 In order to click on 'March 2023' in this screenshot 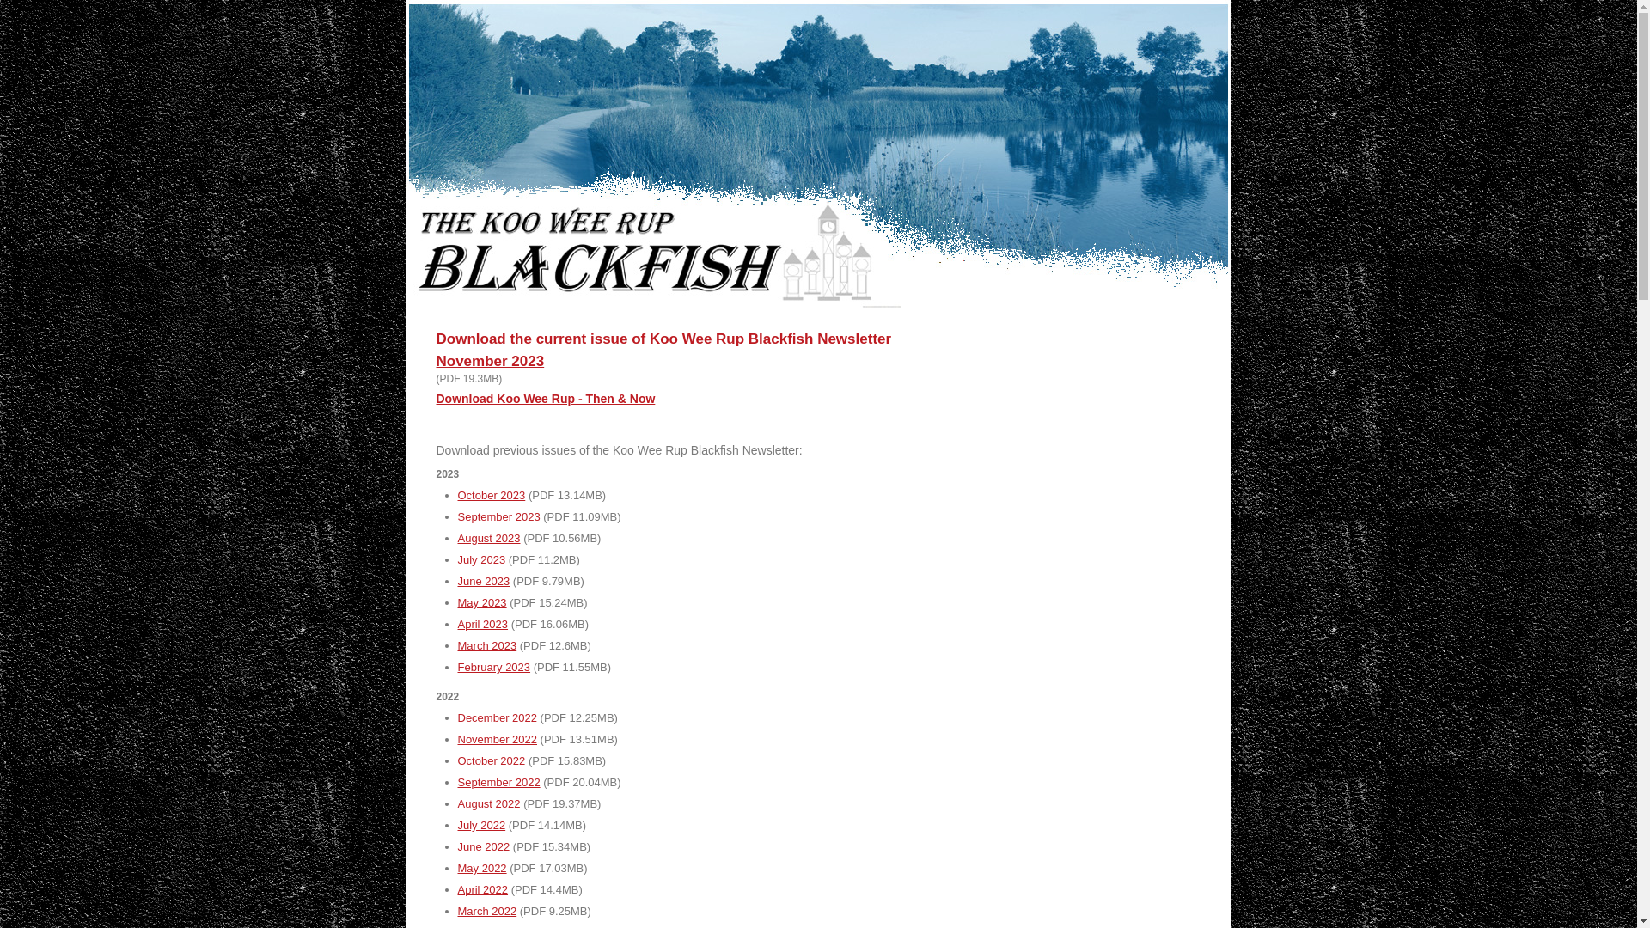, I will do `click(486, 645)`.